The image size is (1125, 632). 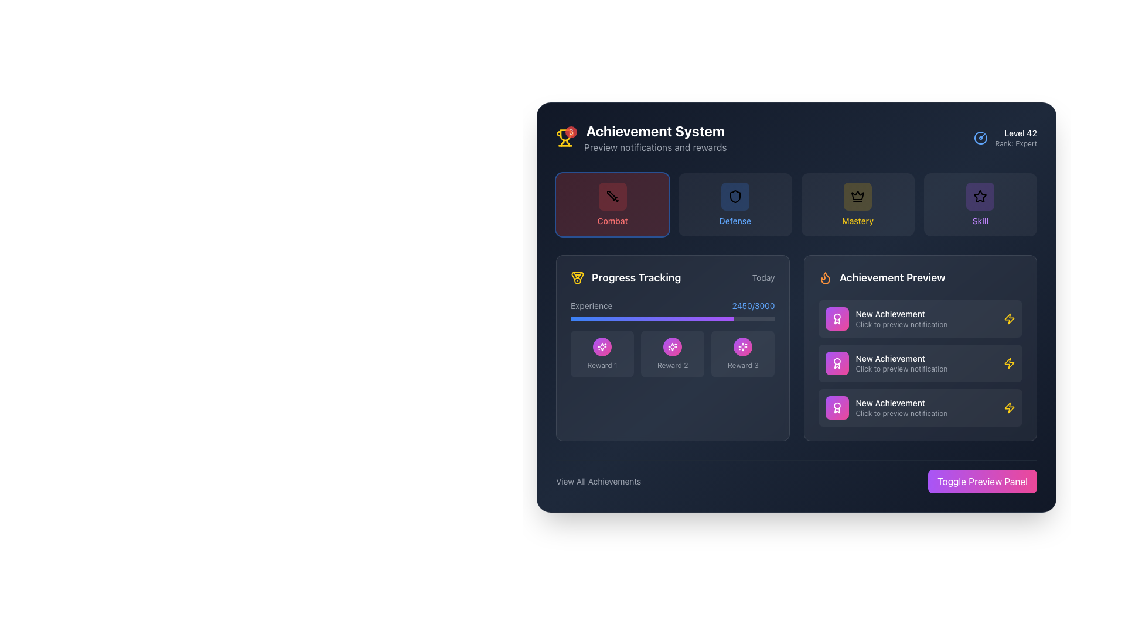 What do you see at coordinates (673, 318) in the screenshot?
I see `the Progress bar located below the 'Experience' text in the 'Progress Tracking' panel` at bounding box center [673, 318].